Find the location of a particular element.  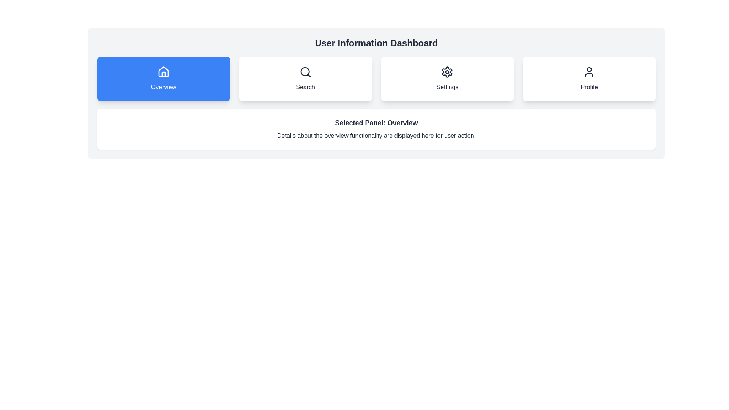

the search button located in the second card of a horizontal grid, positioned between the 'Overview' and 'Settings' cards, to initiate the search function is located at coordinates (305, 79).